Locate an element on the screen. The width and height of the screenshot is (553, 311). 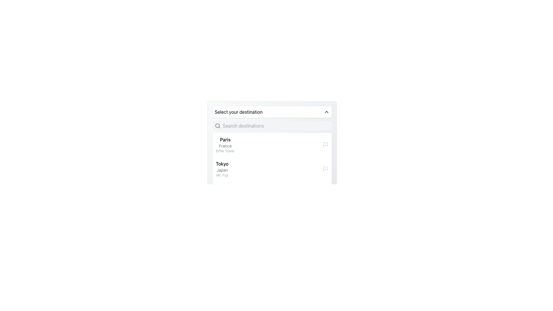
text from the bold label displaying 'Paris', which is the main header for the entry, located in the first row above 'France' and 'Eiffel Tower' is located at coordinates (225, 140).